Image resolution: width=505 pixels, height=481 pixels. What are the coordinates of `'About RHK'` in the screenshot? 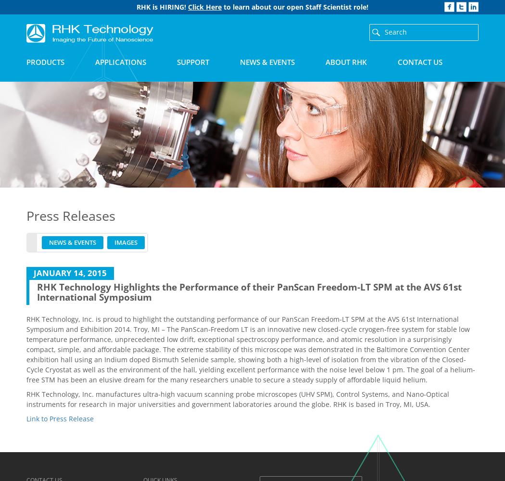 It's located at (326, 62).